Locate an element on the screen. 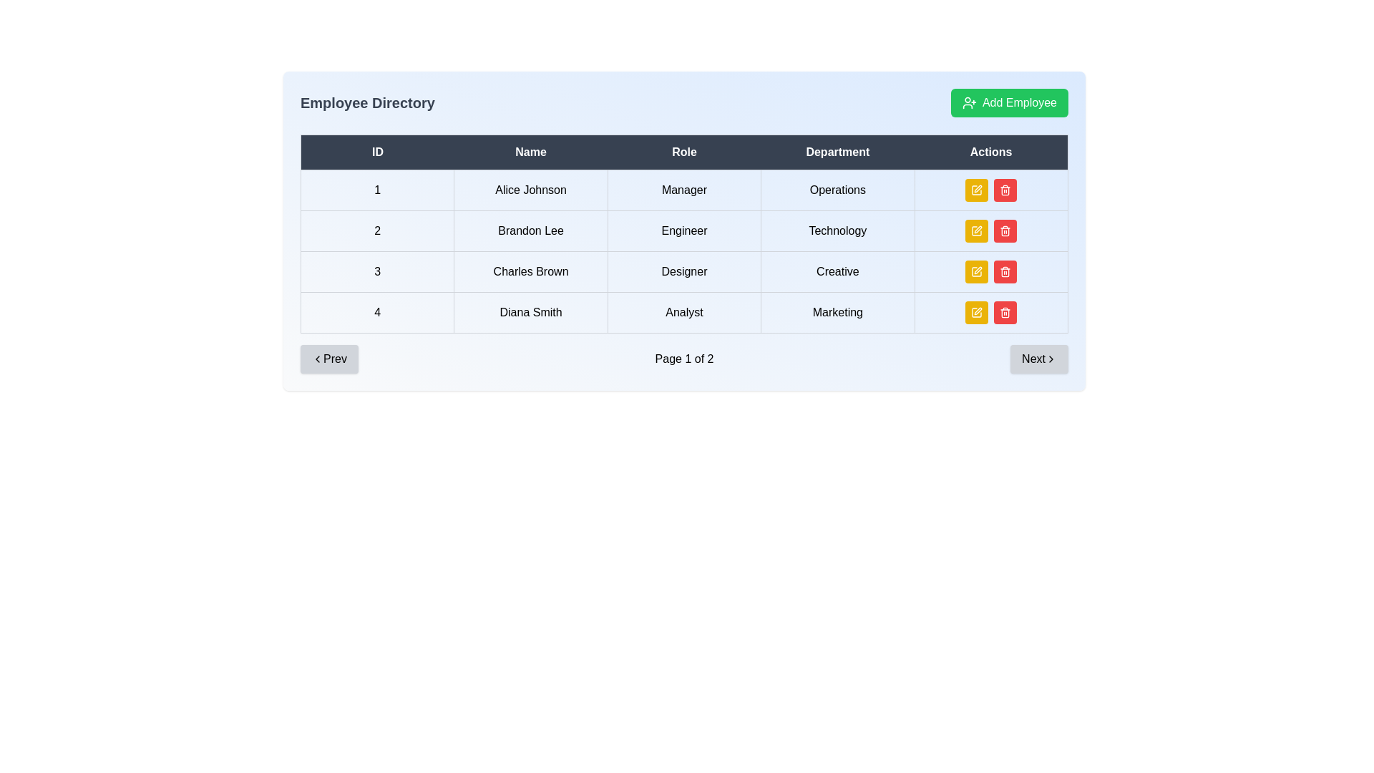 This screenshot has height=773, width=1374. the interactive pen-shaped icon button with a yellow background in the 'Actions' column corresponding to 'Brandon Lee' is located at coordinates (976, 230).